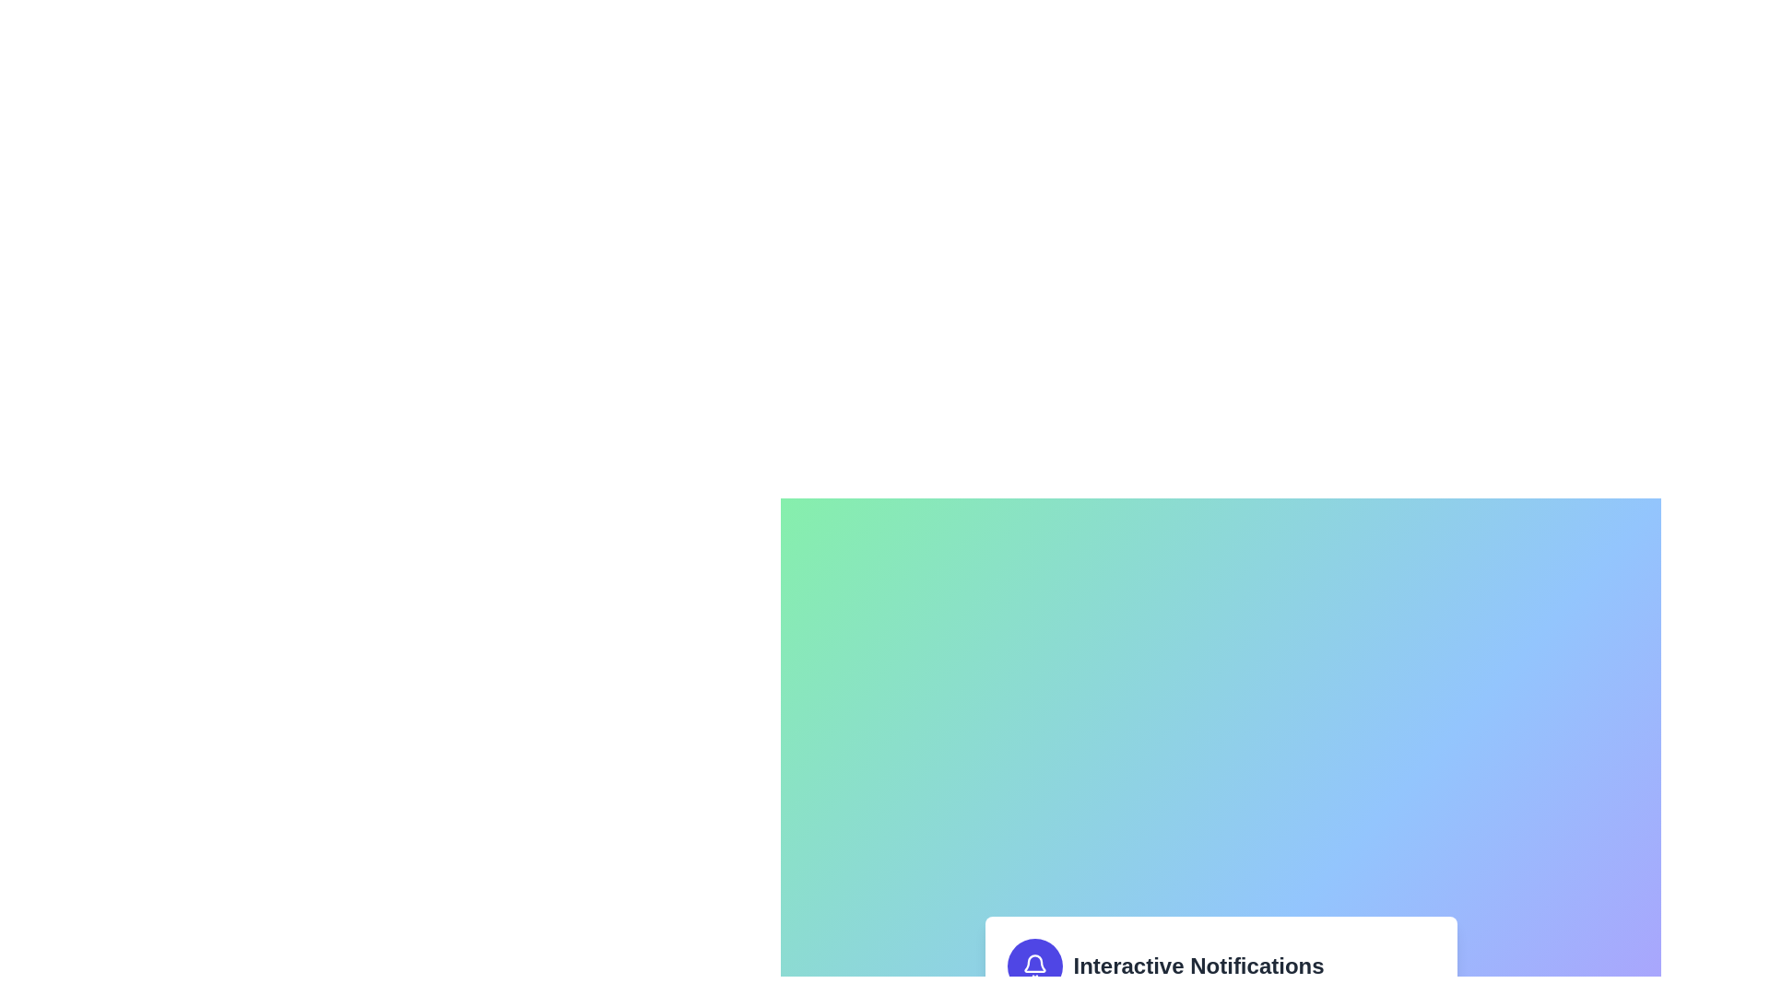 This screenshot has height=995, width=1770. Describe the element at coordinates (1198, 966) in the screenshot. I see `the static text element styled as a heading with the words 'Interactive Notifications', which is prominently displayed in a large bold font at the bottom of the page` at that location.